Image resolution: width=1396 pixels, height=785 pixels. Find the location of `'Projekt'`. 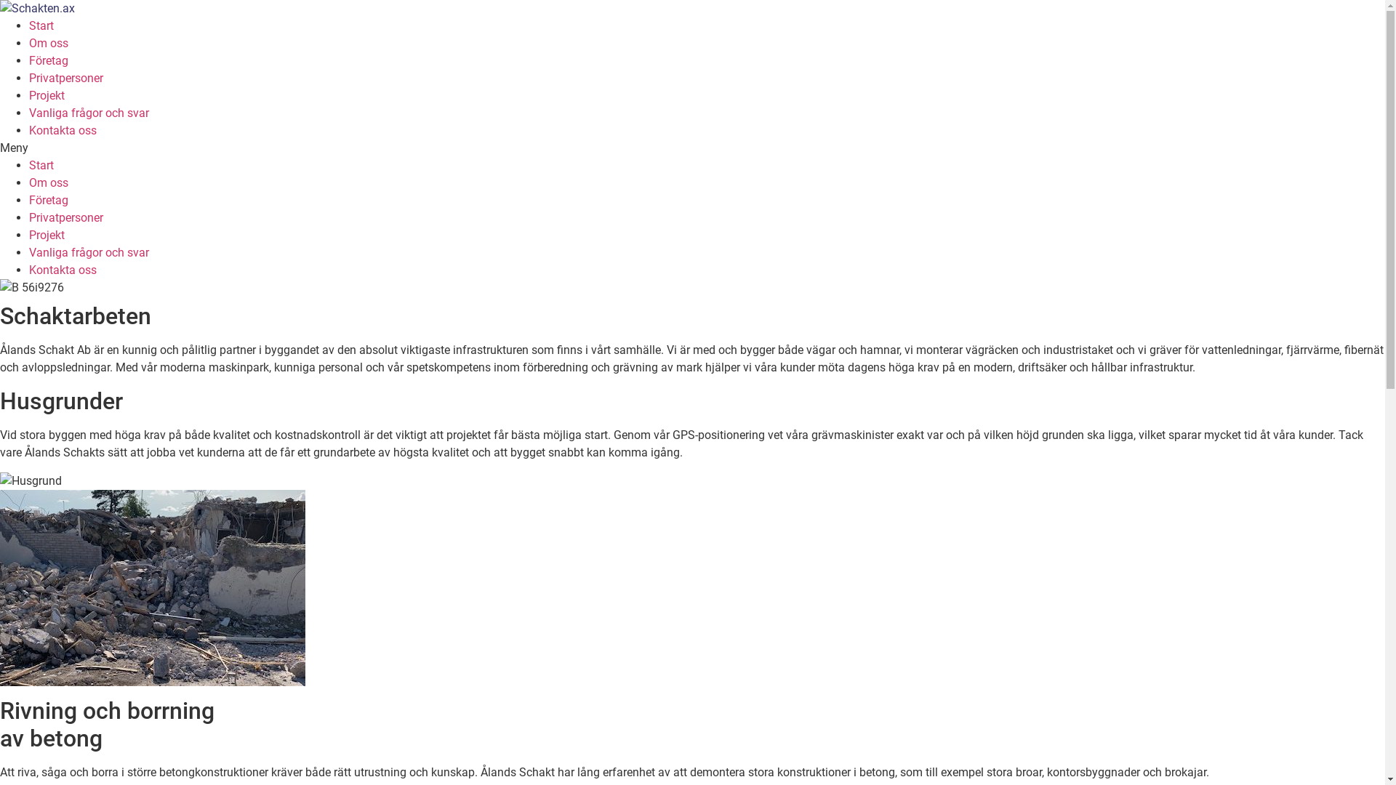

'Projekt' is located at coordinates (28, 95).